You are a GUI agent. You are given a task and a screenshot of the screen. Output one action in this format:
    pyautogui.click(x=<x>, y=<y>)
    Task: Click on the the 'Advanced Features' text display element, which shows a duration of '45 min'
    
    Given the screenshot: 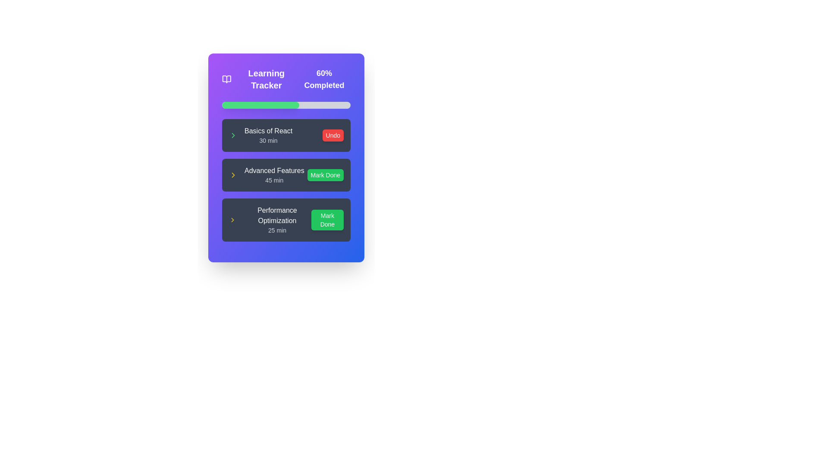 What is the action you would take?
    pyautogui.click(x=274, y=175)
    